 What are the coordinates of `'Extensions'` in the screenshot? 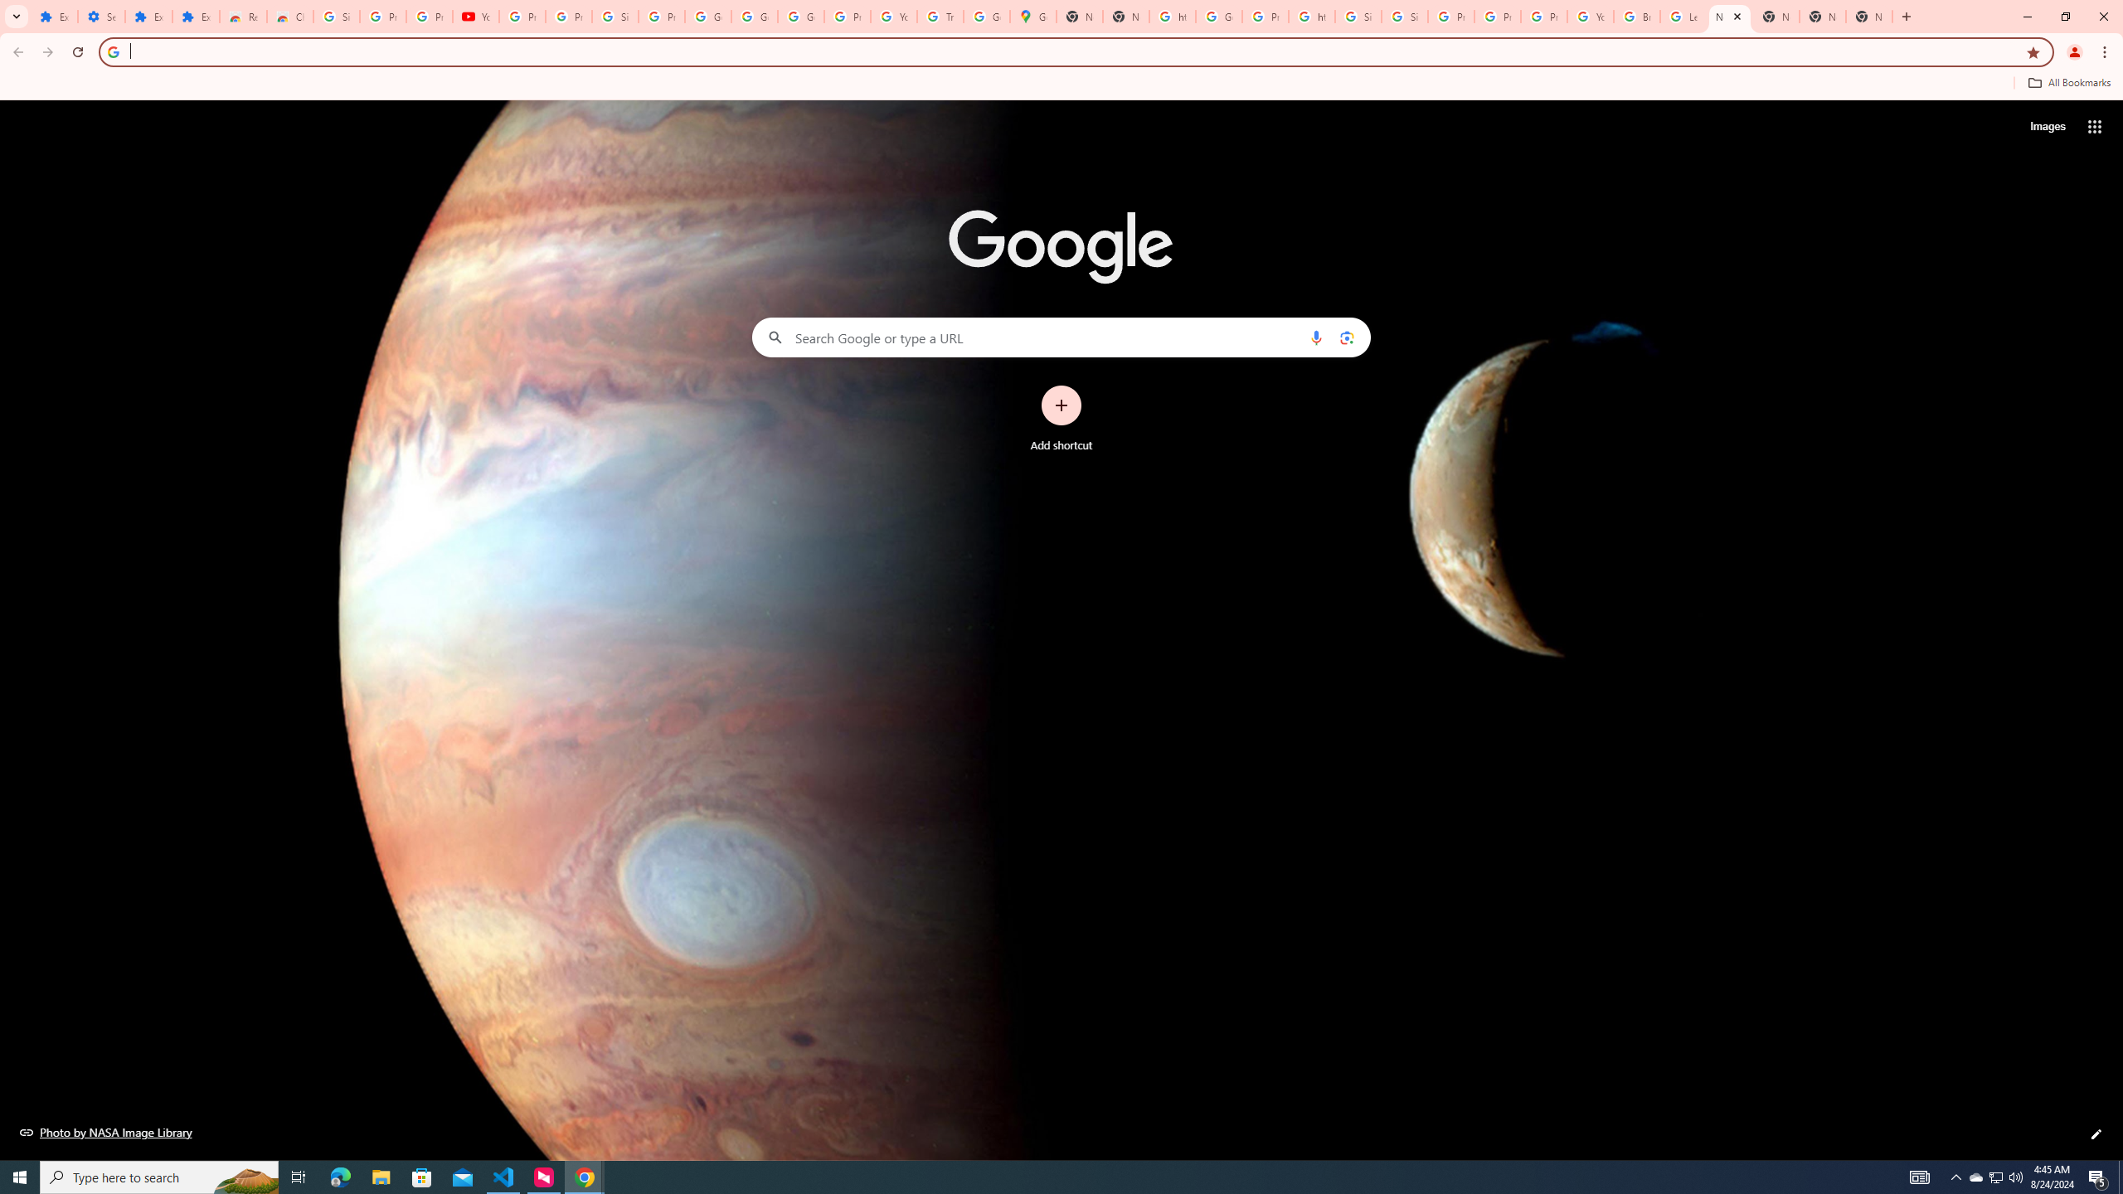 It's located at (54, 16).